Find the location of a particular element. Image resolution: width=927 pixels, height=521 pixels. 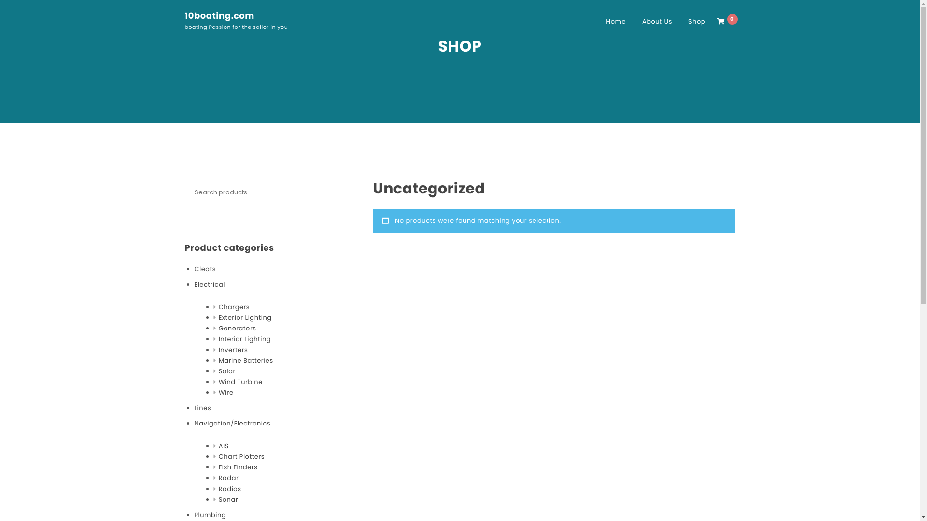

'Navigation/Electronics' is located at coordinates (194, 423).